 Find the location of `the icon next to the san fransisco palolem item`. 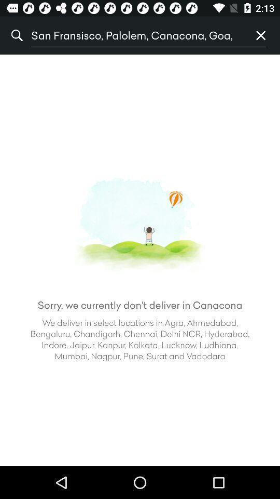

the icon next to the san fransisco palolem item is located at coordinates (260, 35).